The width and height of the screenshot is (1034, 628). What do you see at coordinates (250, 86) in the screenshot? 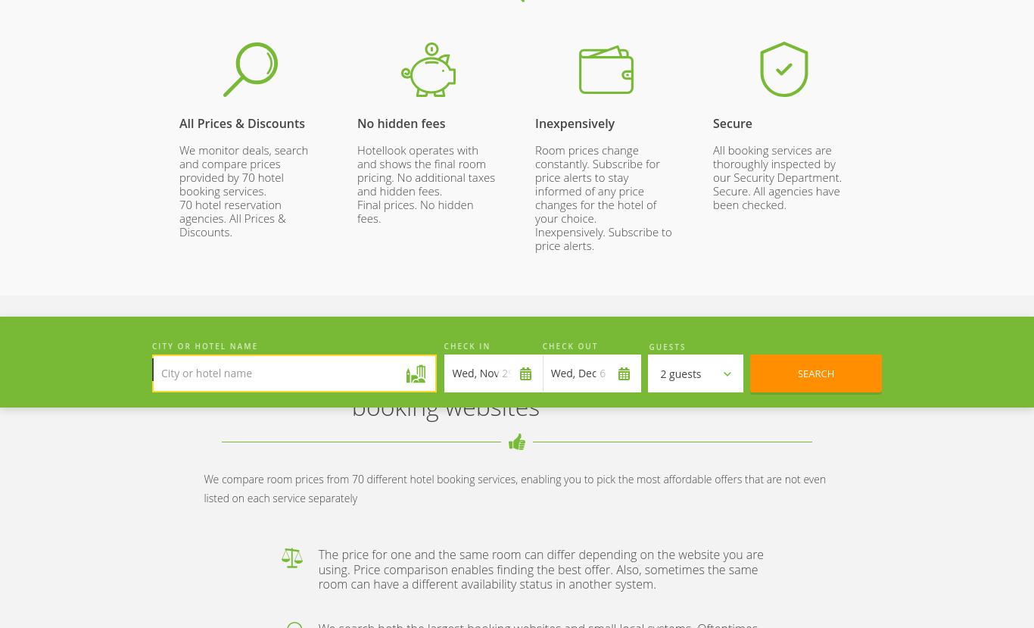
I see `'252 000'` at bounding box center [250, 86].